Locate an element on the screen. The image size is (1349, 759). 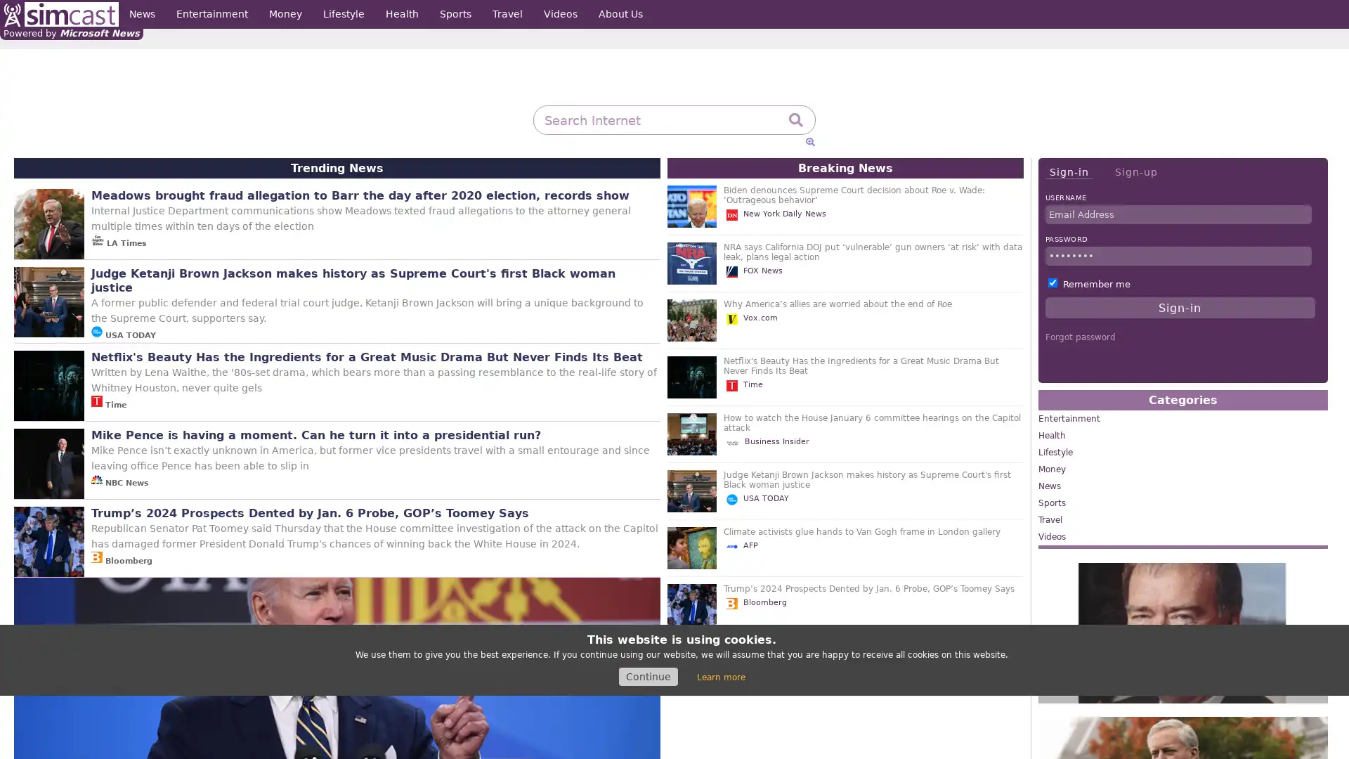
Continue is located at coordinates (647, 676).